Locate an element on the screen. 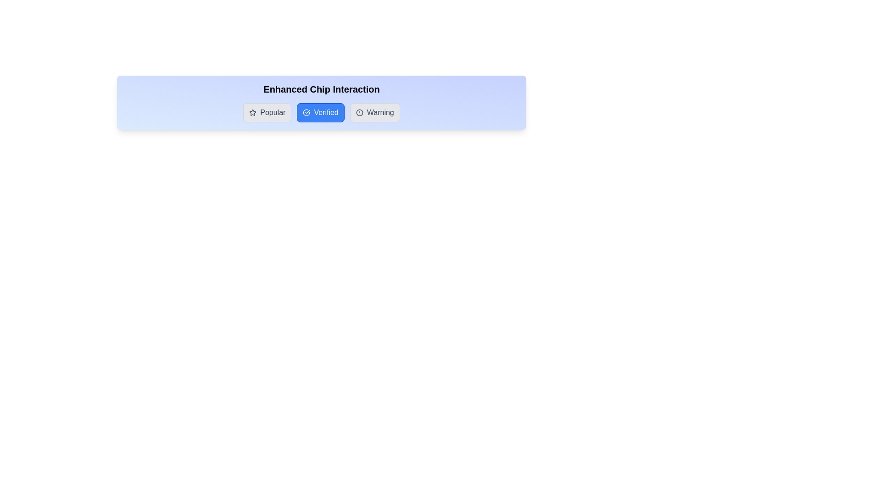  the chip labeled Warning is located at coordinates (375, 112).